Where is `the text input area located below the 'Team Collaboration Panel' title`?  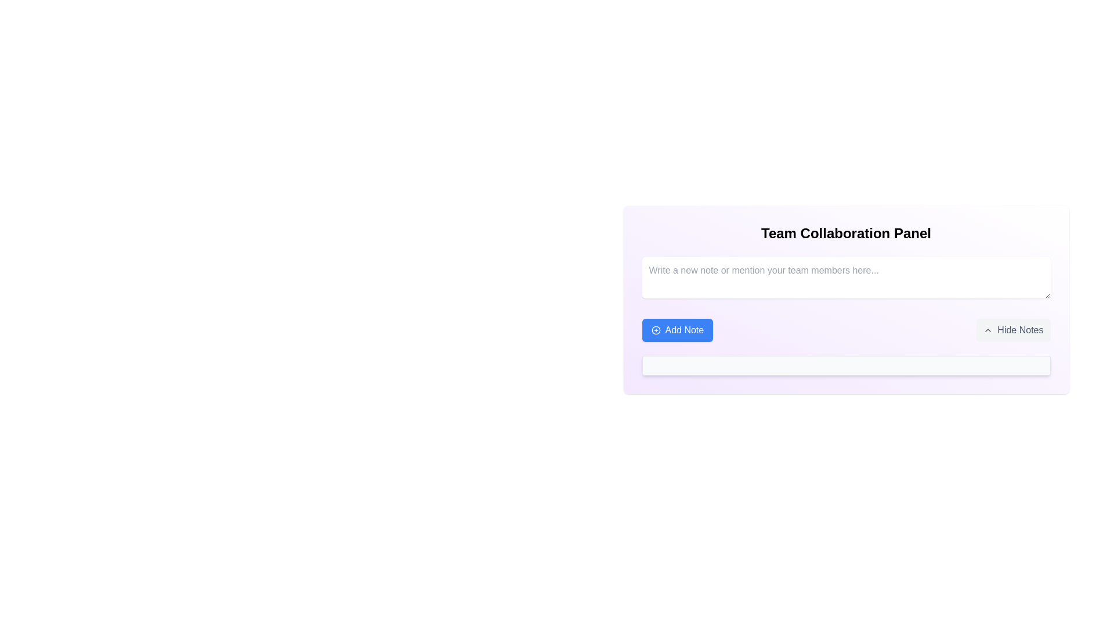
the text input area located below the 'Team Collaboration Panel' title is located at coordinates (846, 277).